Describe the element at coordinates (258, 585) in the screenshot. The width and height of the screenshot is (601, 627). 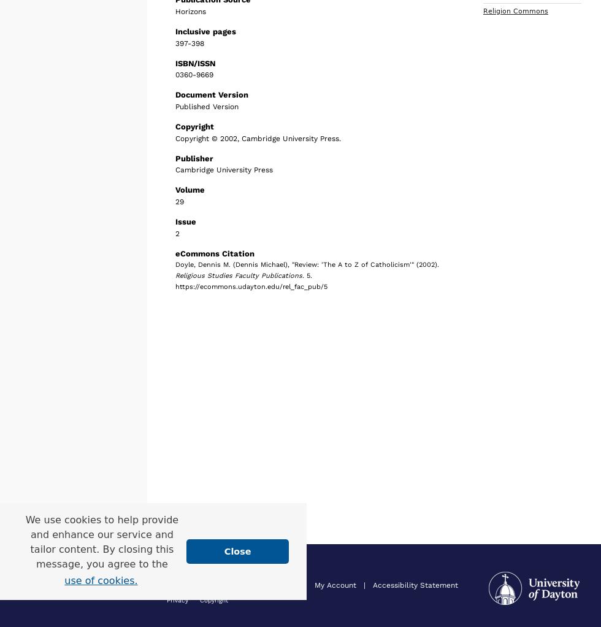
I see `'About'` at that location.